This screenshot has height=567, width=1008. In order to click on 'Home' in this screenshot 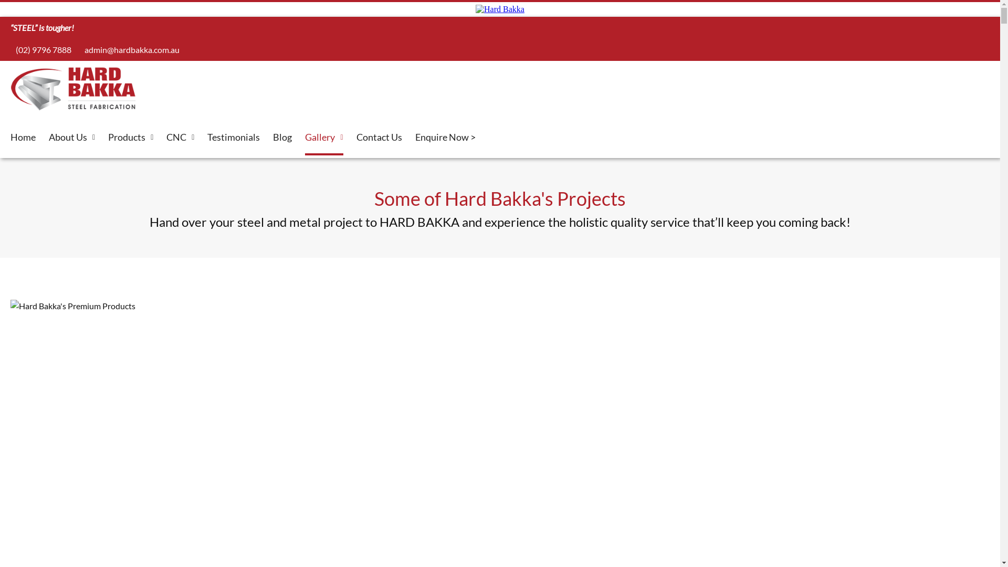, I will do `click(23, 137)`.